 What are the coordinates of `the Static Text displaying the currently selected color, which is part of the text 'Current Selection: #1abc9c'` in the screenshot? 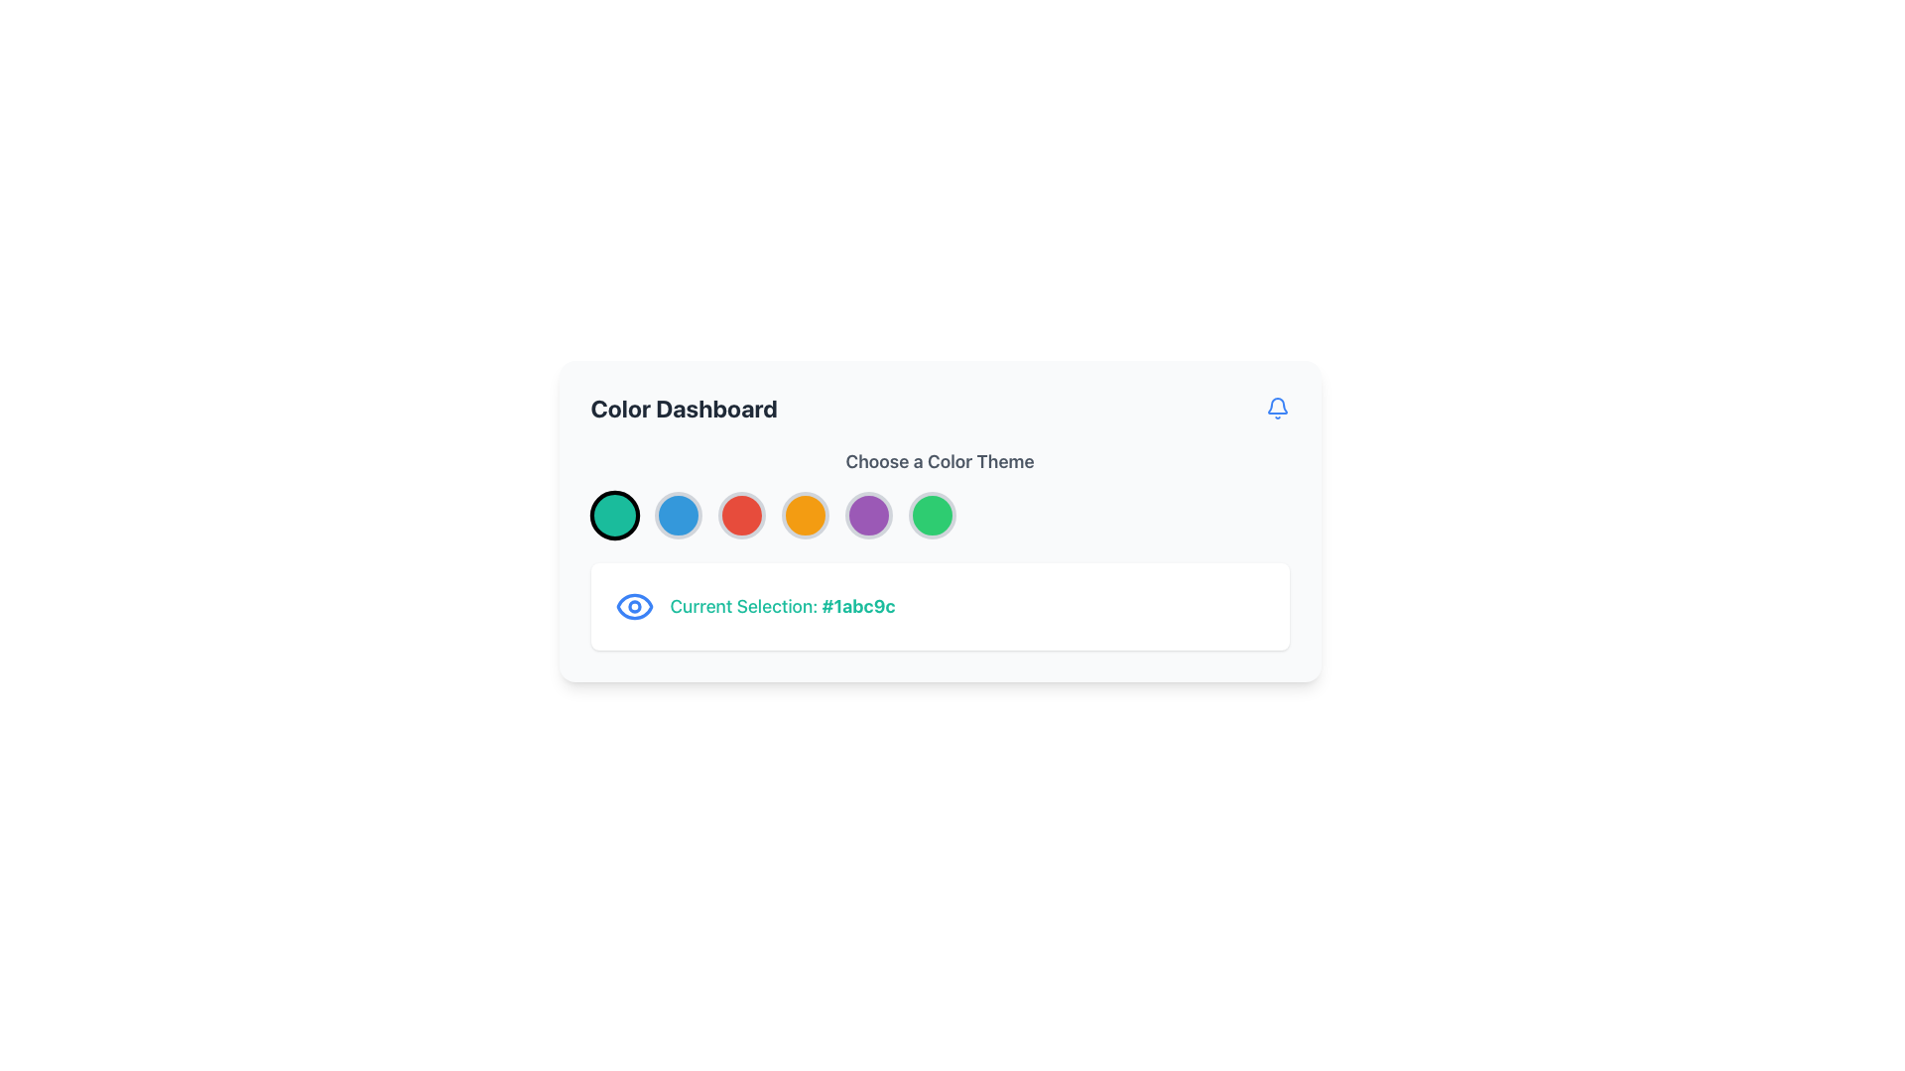 It's located at (858, 605).